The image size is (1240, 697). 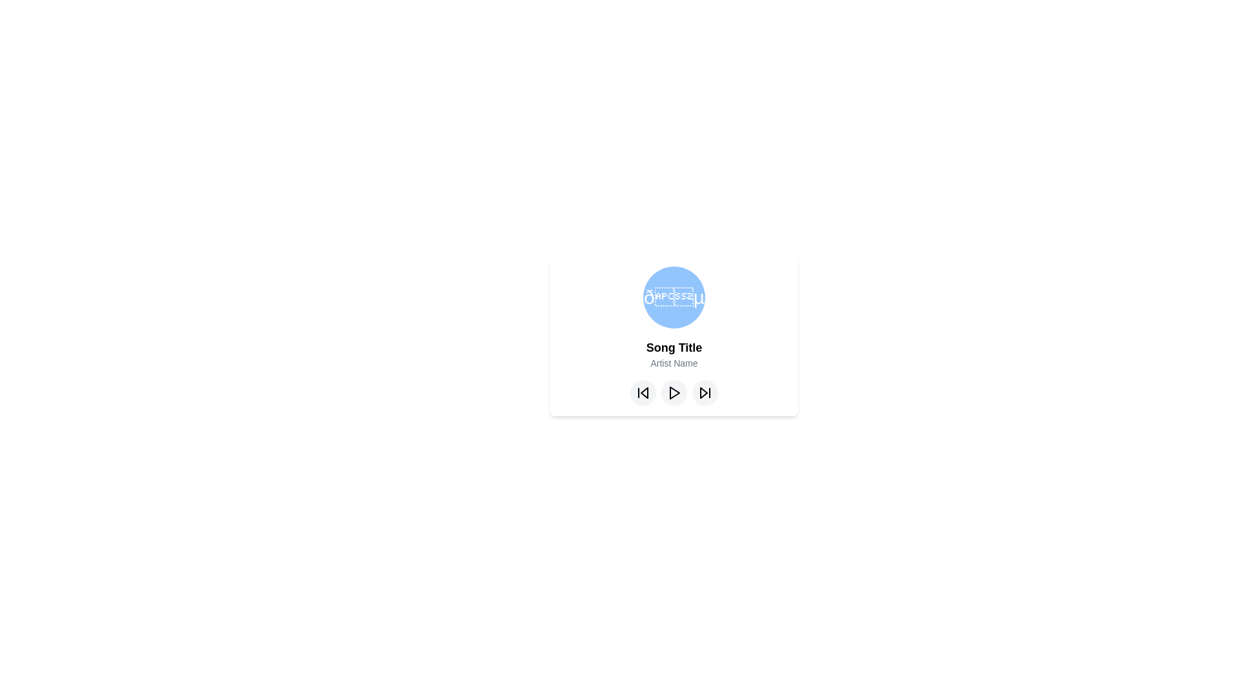 I want to click on the leftmost 'previous' button in the media playback interface, so click(x=643, y=392).